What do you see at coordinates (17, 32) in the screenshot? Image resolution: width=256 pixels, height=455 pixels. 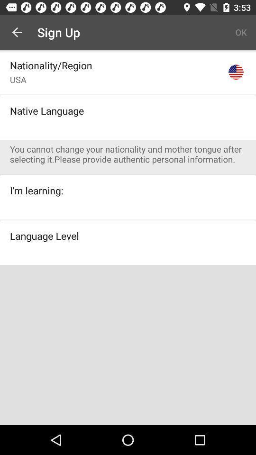 I see `app next to the sign up app` at bounding box center [17, 32].